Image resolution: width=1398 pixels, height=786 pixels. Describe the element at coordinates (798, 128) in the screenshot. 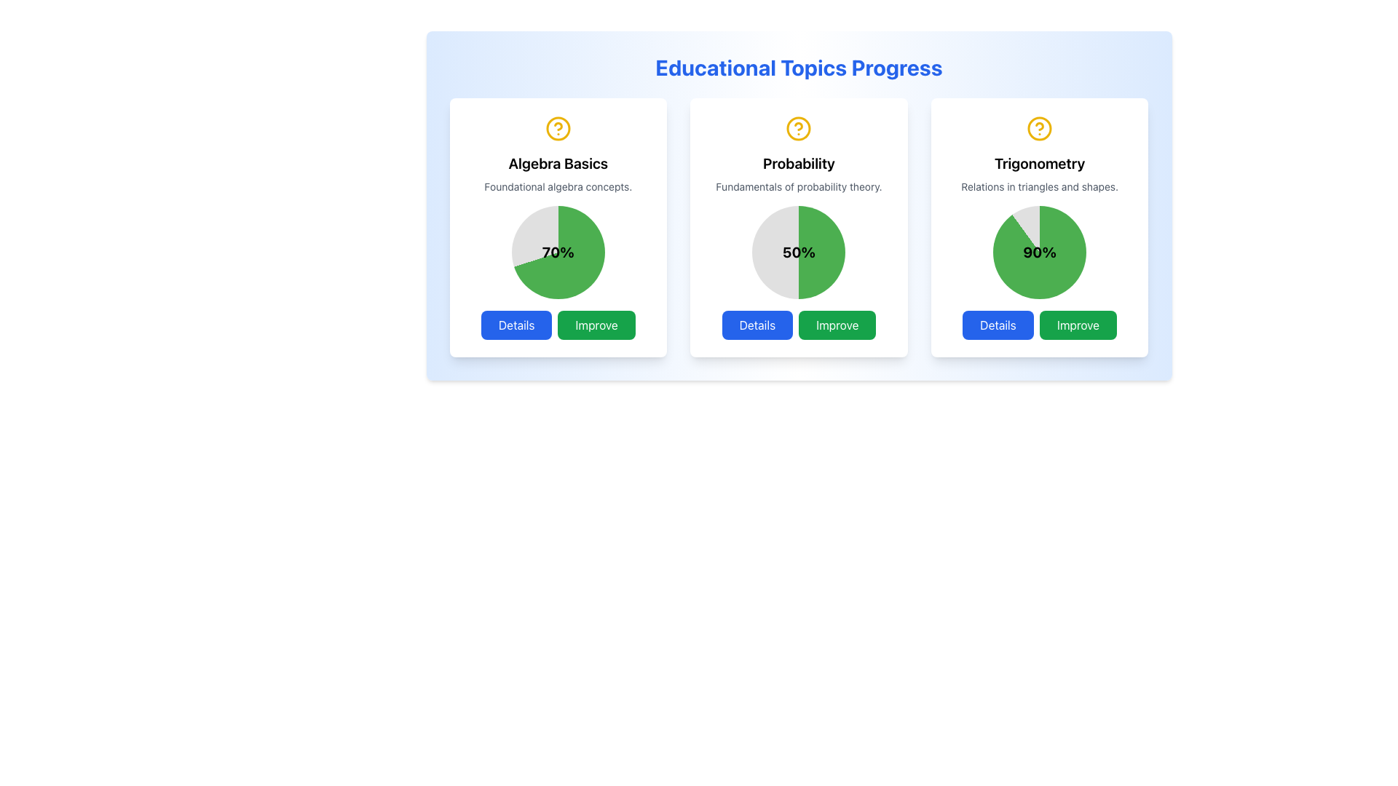

I see `the circular outline with a yellow outline, part of the question mark icon located at the top-center of the 'Probability' card, just above the card title` at that location.